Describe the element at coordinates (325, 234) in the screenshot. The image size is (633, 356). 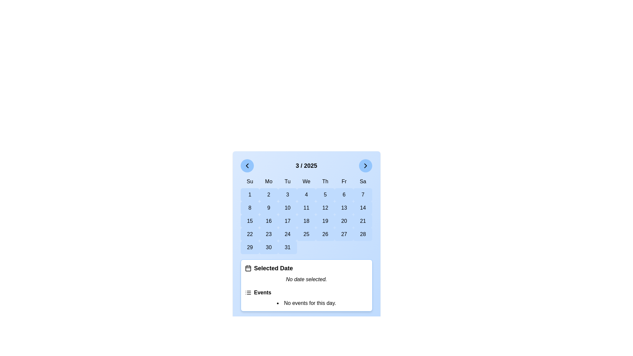
I see `the button displaying the number '26' in bold text, which is centered within a rounded rectangular shape with a light blue background` at that location.